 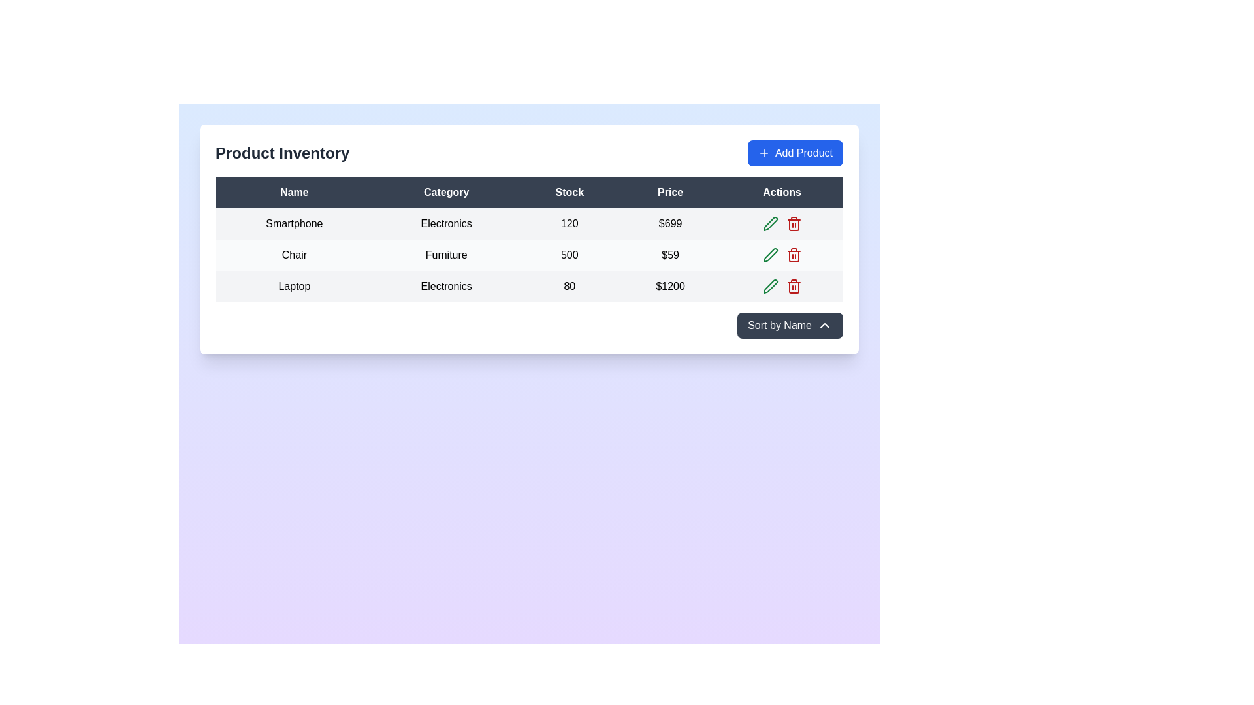 I want to click on the 'Actions' column header in the table, which is the fifth column header located to the right of the 'Price' header, so click(x=782, y=192).